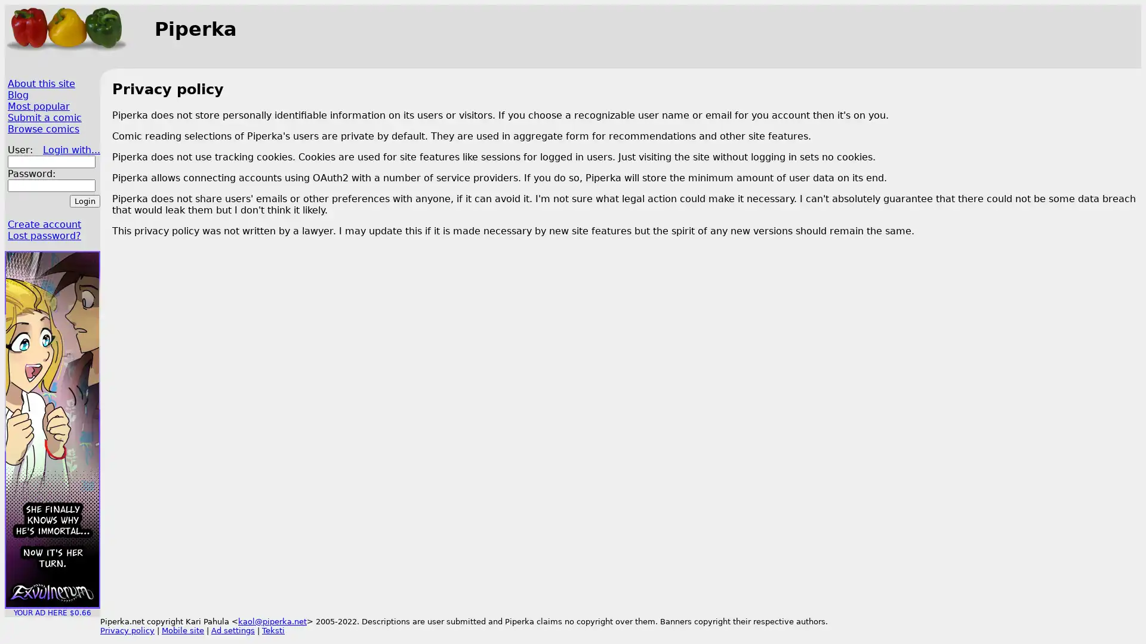 This screenshot has height=644, width=1146. Describe the element at coordinates (84, 200) in the screenshot. I see `Login` at that location.